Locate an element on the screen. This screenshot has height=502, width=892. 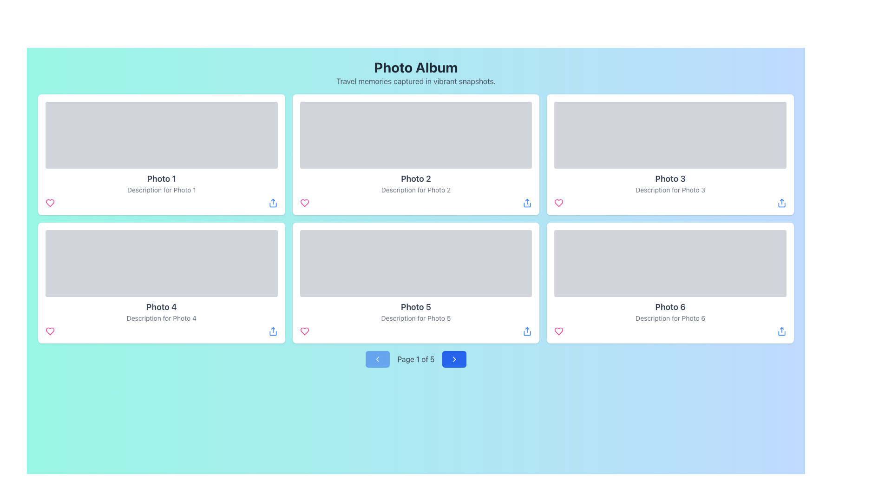
the rectangular image placeholder with a light gray background located in the top-right section of the grid displaying photo cards, positioned above 'Photo 3' and 'Description for Photo 3' is located at coordinates (670, 135).